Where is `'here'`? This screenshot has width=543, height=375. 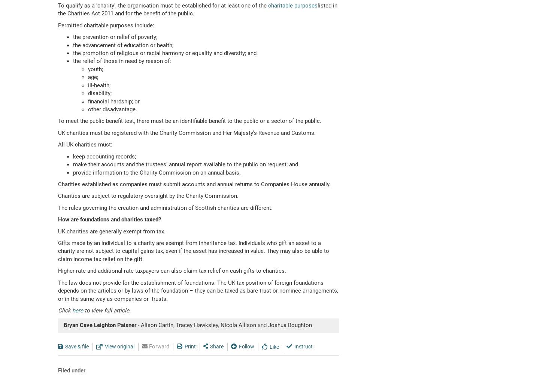
'here' is located at coordinates (77, 310).